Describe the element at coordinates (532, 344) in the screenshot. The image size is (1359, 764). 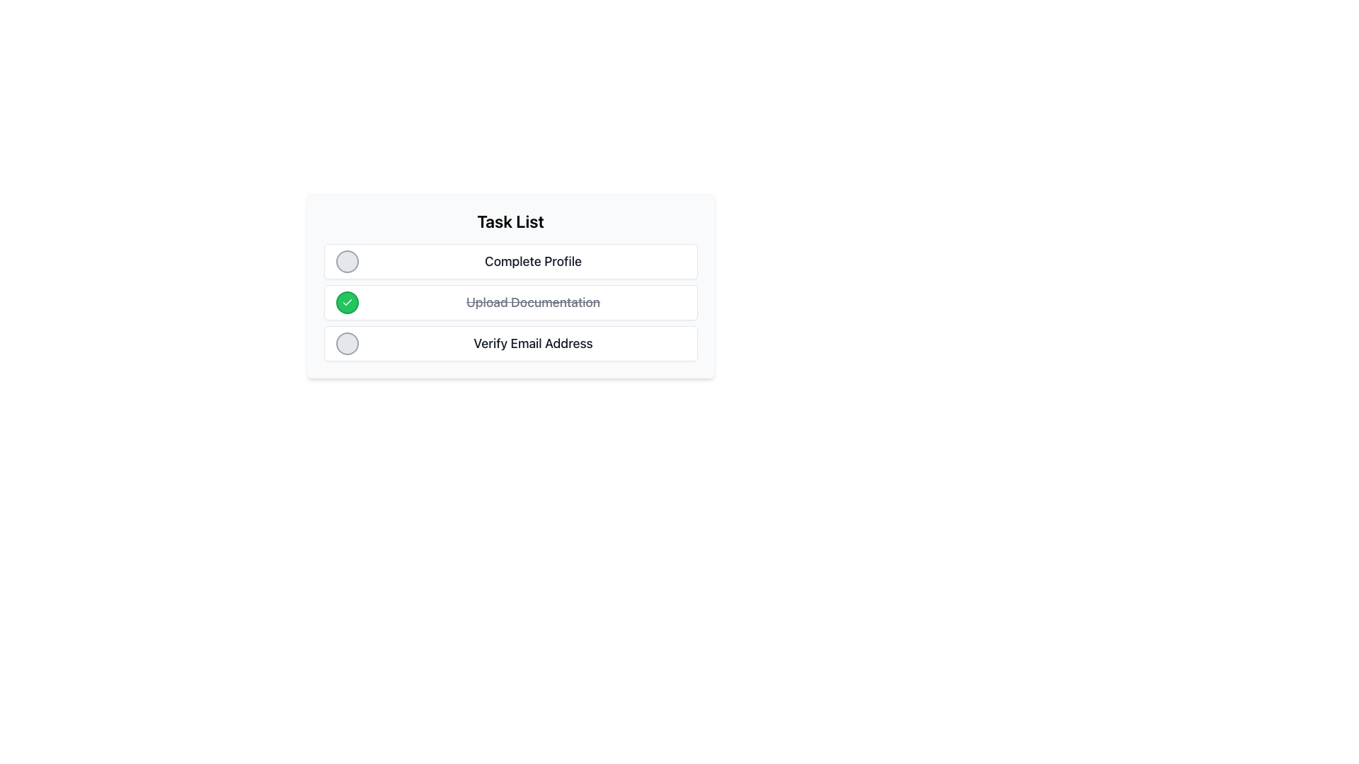
I see `the non-interactive text label that describes the task 'Verify Email Address', located beneath the 'Upload Documentation' task in the task list` at that location.